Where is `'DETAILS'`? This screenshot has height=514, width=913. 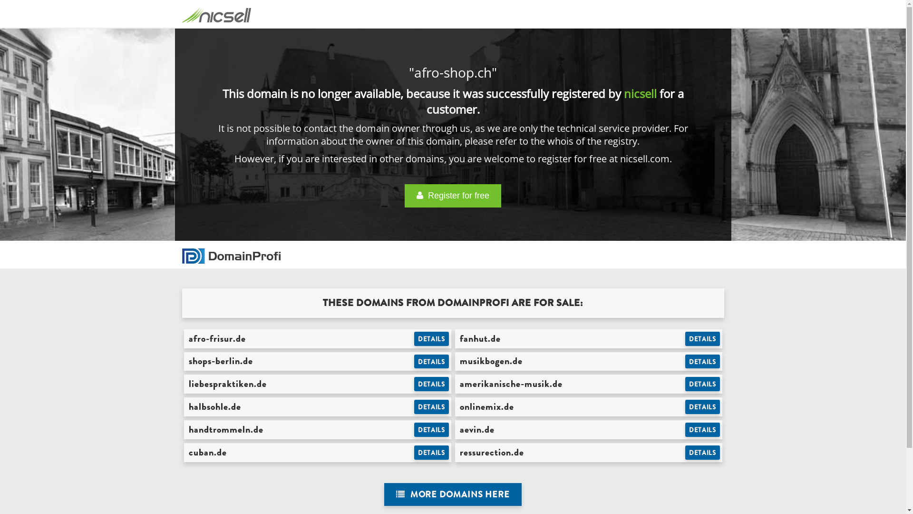
'DETAILS' is located at coordinates (414, 338).